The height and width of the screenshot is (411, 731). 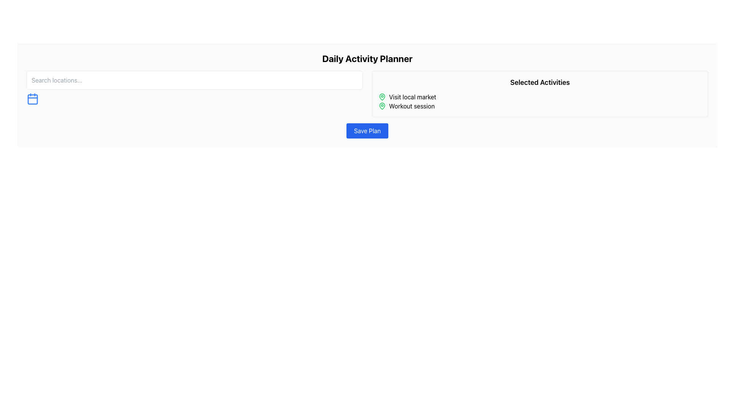 I want to click on the SVG icon representing 'Visit local market', which is located on the left of the corresponding text in the 'Selected Activities' section, so click(x=382, y=96).